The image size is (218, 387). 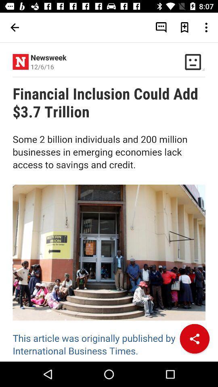 I want to click on the button which is next to the comment button, so click(x=184, y=27).